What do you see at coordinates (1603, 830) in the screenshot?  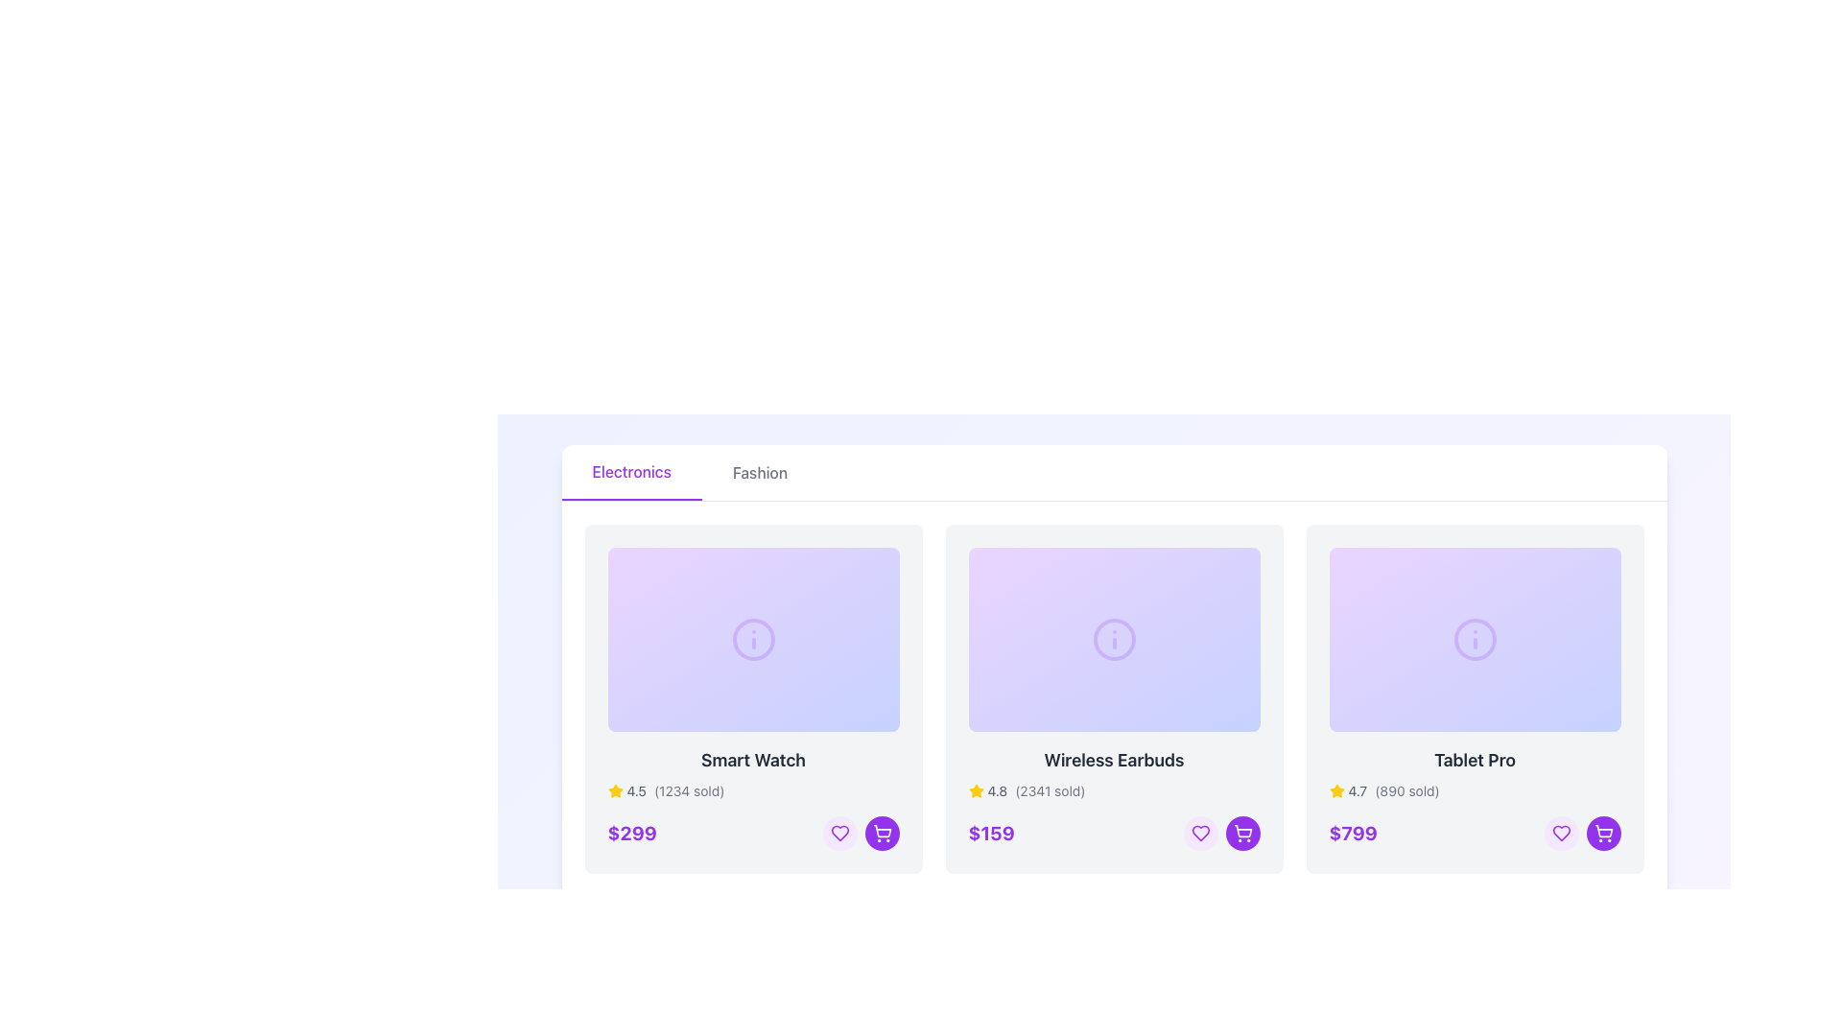 I see `the shopping cart icon component located at the bottom right corner of the 'Tablet Pro' product card` at bounding box center [1603, 830].